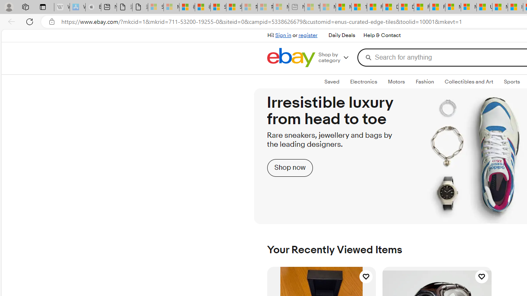 The height and width of the screenshot is (296, 527). I want to click on 'Help & Contact', so click(382, 35).